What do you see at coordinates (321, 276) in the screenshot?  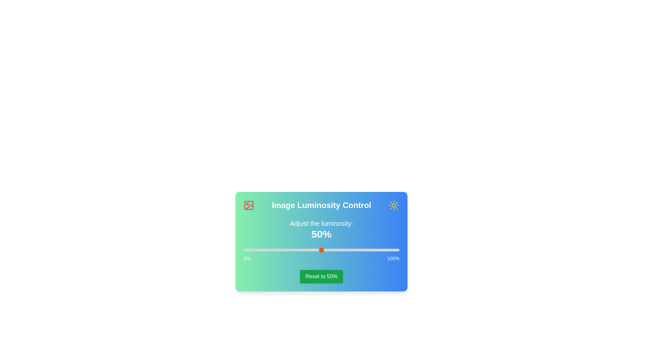 I see `'Reset to 50%' button to reset the luminosity to 50%` at bounding box center [321, 276].